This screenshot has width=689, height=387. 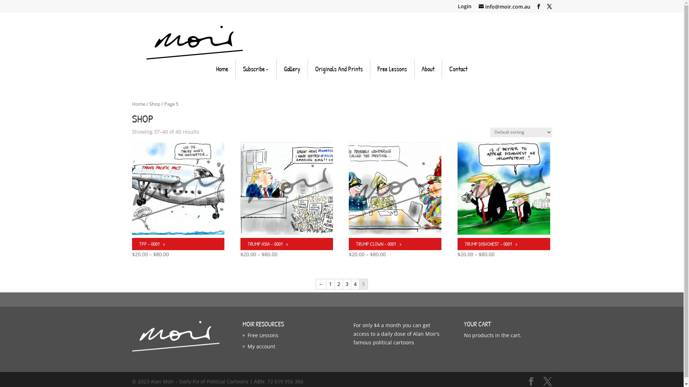 I want to click on '3', so click(x=347, y=284).